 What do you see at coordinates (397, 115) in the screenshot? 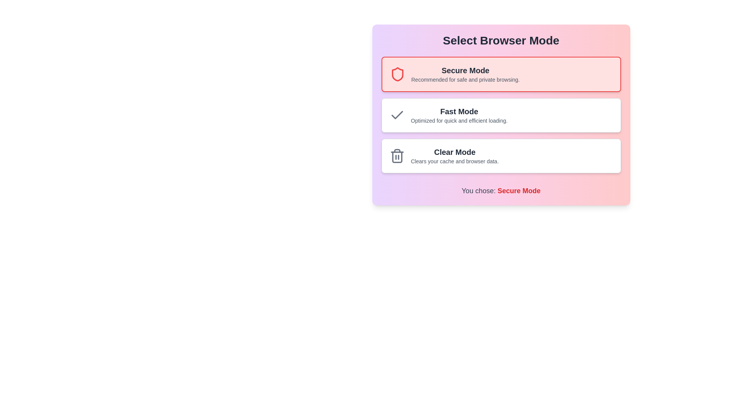
I see `the checkmark icon to toggle the state of the 'Fast Mode' option in the selection list` at bounding box center [397, 115].